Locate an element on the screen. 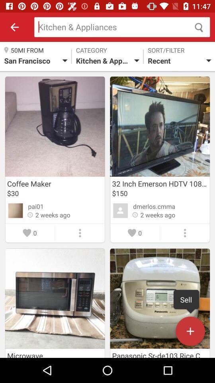 This screenshot has height=383, width=215. the icon on left to the text dmerloscmma on the web page is located at coordinates (120, 210).